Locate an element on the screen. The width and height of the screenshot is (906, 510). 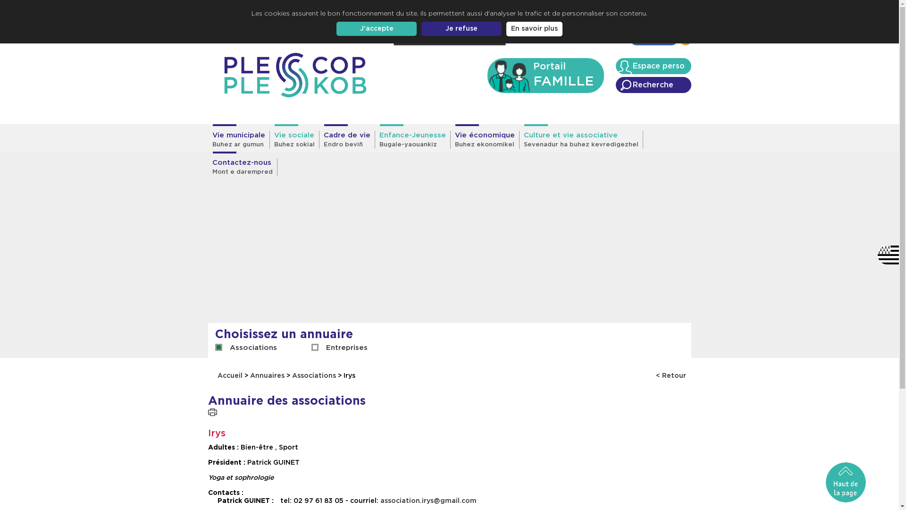
'Je refuse' is located at coordinates (461, 28).